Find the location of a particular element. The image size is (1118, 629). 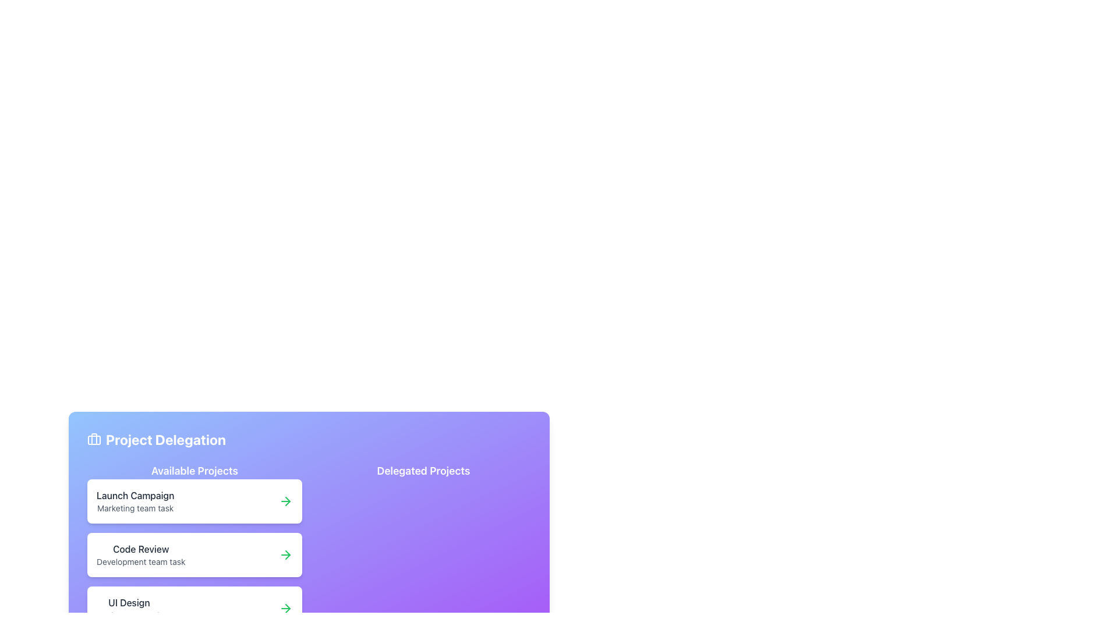

the rightward-pointing arrow icon next to the 'Code Review' task entry under 'Available Projects' to indicate forward navigation or additional details is located at coordinates (288, 500).